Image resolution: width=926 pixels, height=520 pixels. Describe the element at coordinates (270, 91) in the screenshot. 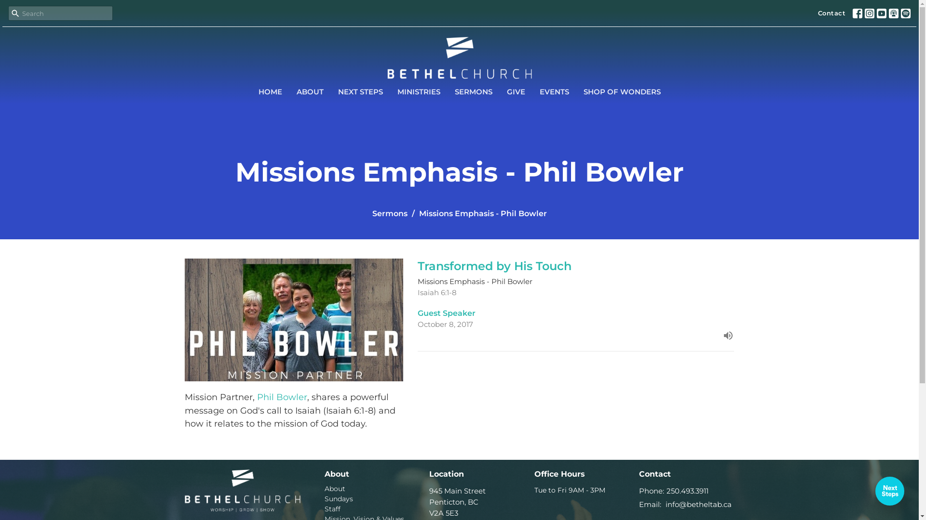

I see `'HOME'` at that location.